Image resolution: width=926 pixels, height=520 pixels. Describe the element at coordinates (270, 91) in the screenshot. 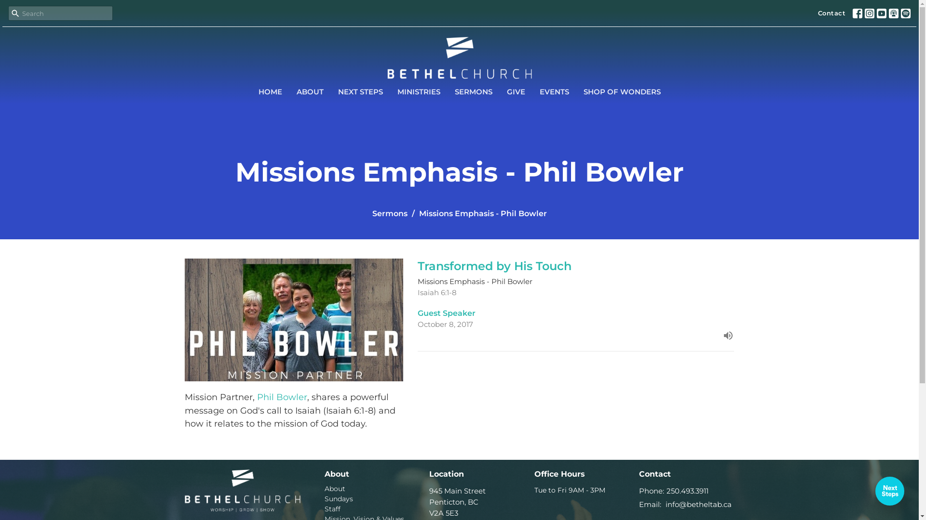

I see `'HOME'` at that location.